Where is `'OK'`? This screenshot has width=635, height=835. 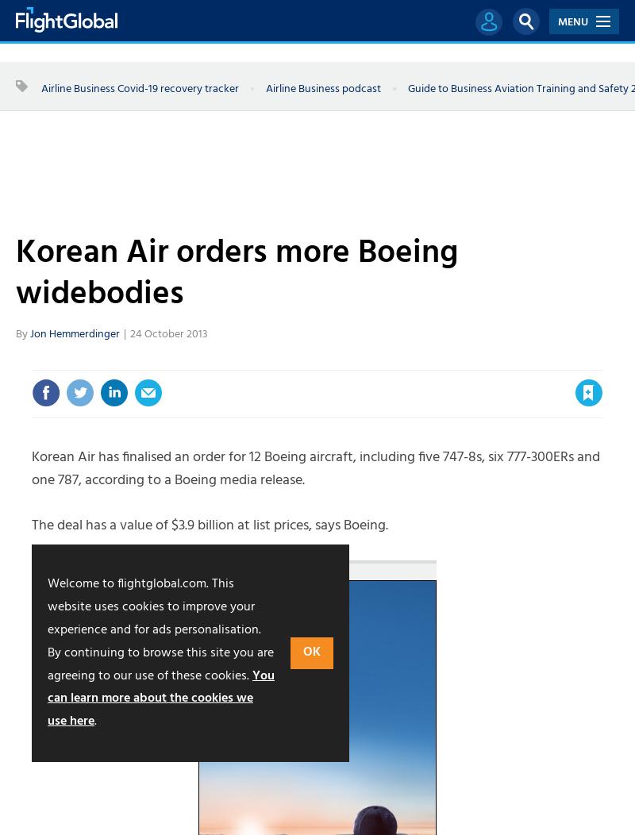
'OK' is located at coordinates (302, 652).